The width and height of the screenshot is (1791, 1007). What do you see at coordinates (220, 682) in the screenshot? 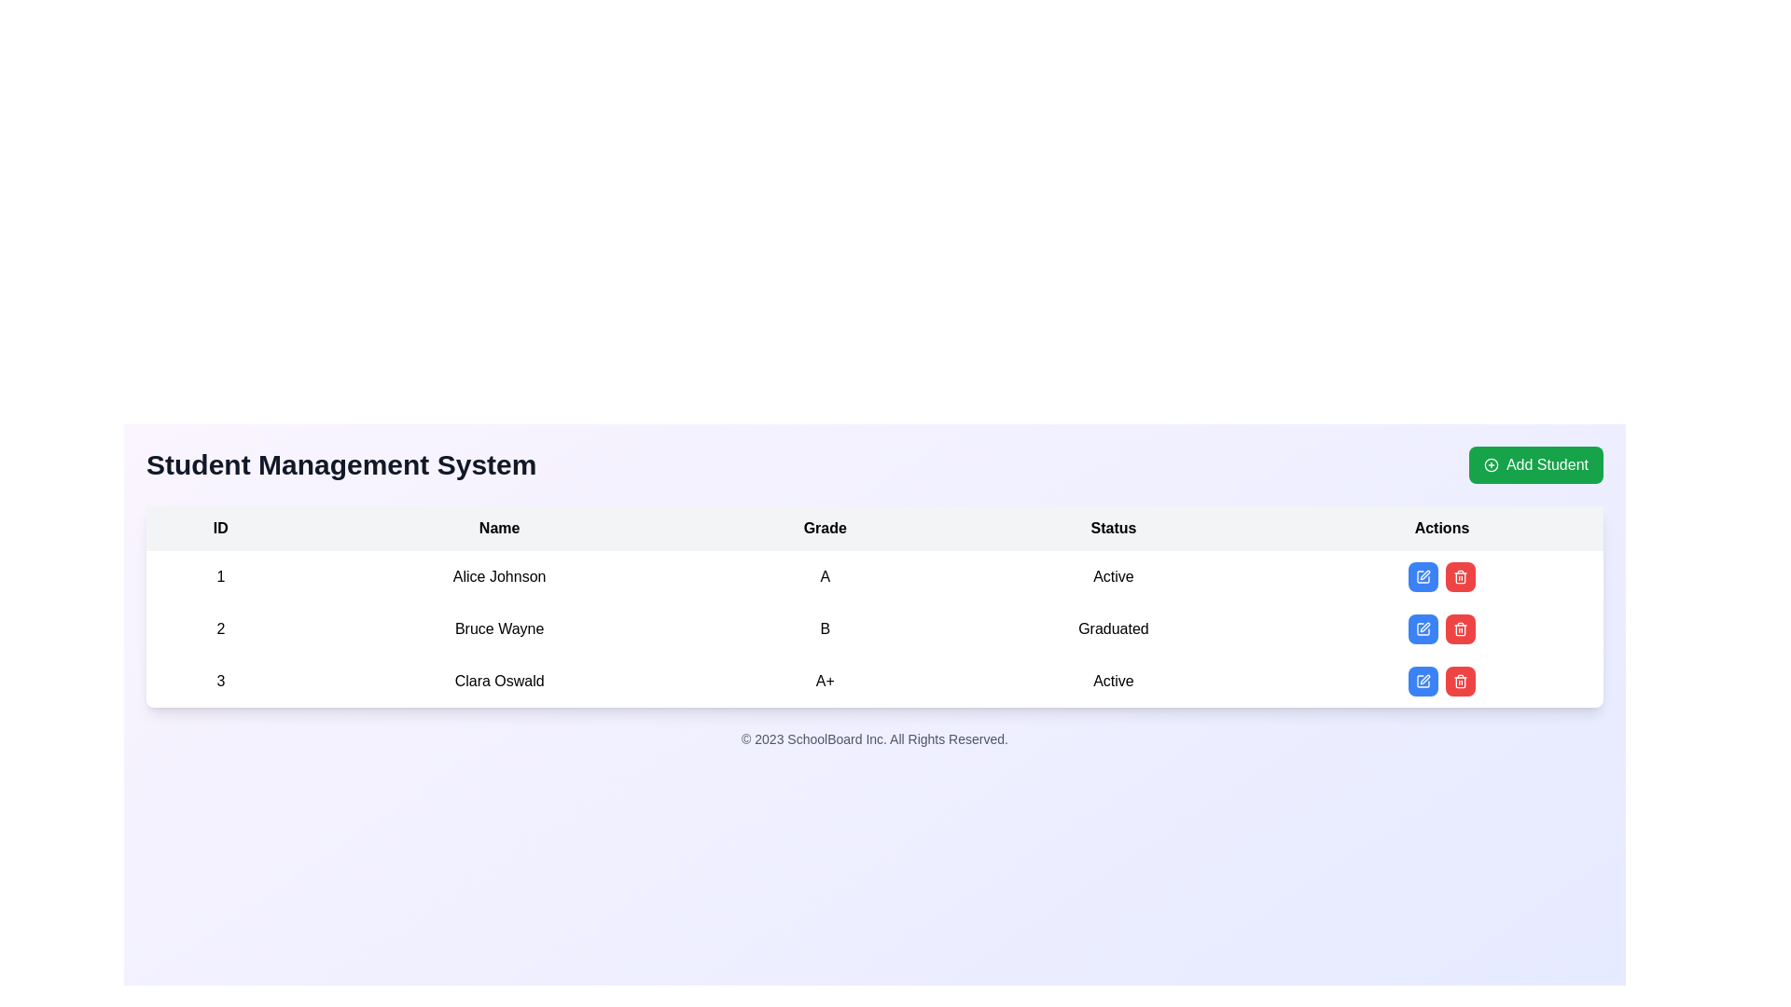
I see `the text element displaying the numerical value '3' in the first column of the third row of the table under the 'ID' column` at bounding box center [220, 682].